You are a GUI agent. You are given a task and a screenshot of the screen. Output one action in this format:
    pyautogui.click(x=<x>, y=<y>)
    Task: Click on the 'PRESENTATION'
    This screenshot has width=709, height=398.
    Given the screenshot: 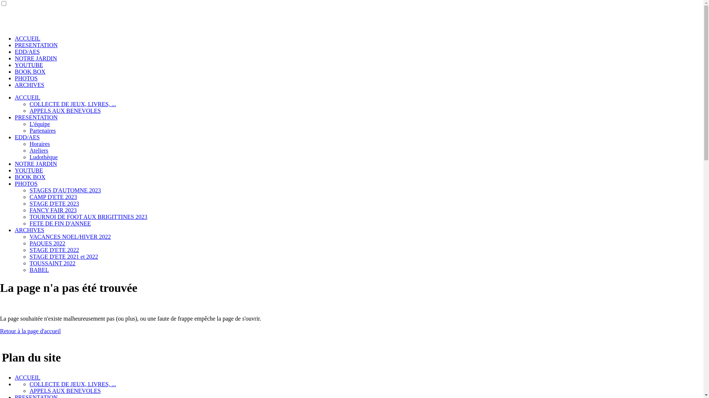 What is the action you would take?
    pyautogui.click(x=35, y=45)
    